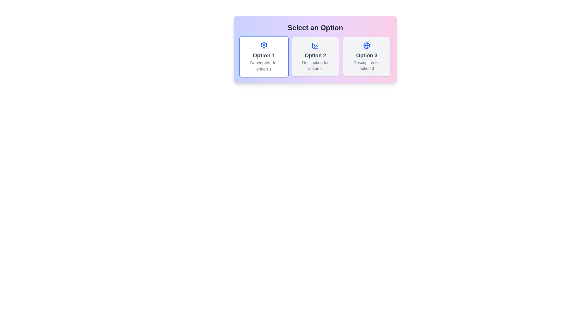 Image resolution: width=562 pixels, height=316 pixels. Describe the element at coordinates (263, 55) in the screenshot. I see `the text element labeled 'Option 1', which is displayed in a bold, large gray font within a blue-bordered card at the top-center of the card layout` at that location.